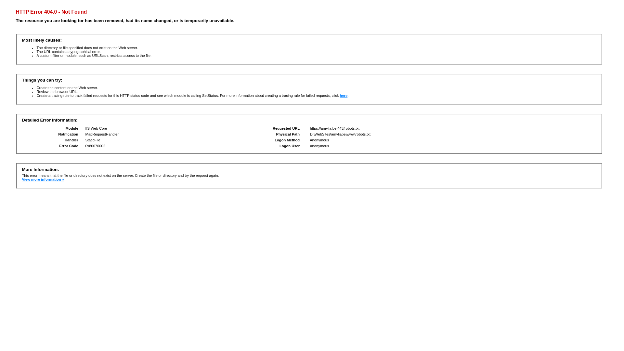 The height and width of the screenshot is (351, 624). What do you see at coordinates (340, 95) in the screenshot?
I see `'here'` at bounding box center [340, 95].